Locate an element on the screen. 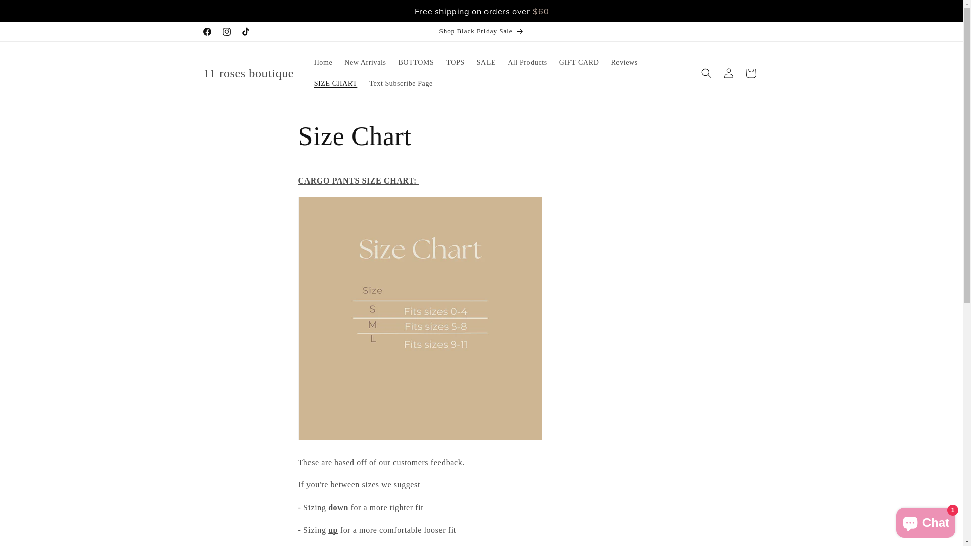  'Cart' is located at coordinates (739, 73).